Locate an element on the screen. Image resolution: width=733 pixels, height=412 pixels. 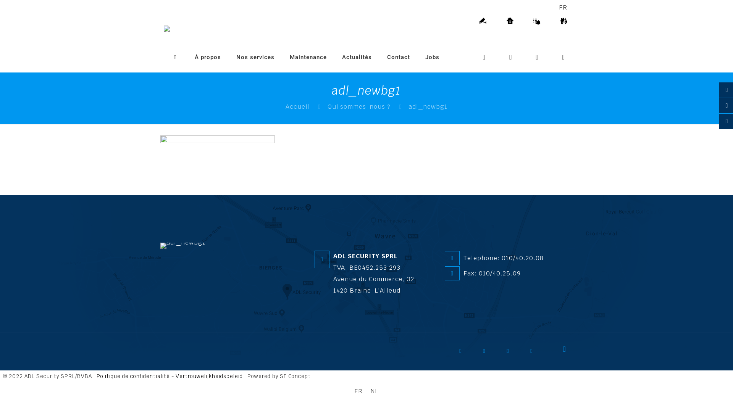
'adl_newbg1' is located at coordinates (182, 246).